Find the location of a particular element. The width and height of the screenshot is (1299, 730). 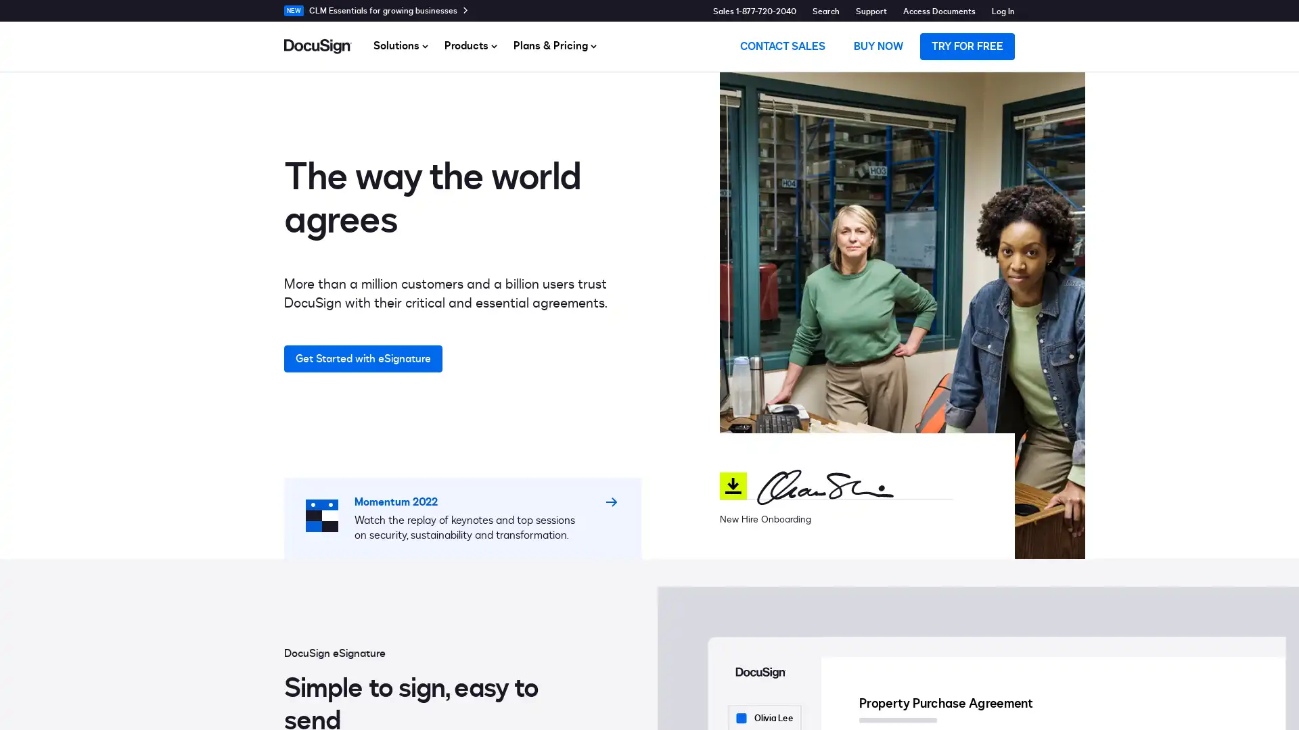

Accept Cookies is located at coordinates (1210, 700).